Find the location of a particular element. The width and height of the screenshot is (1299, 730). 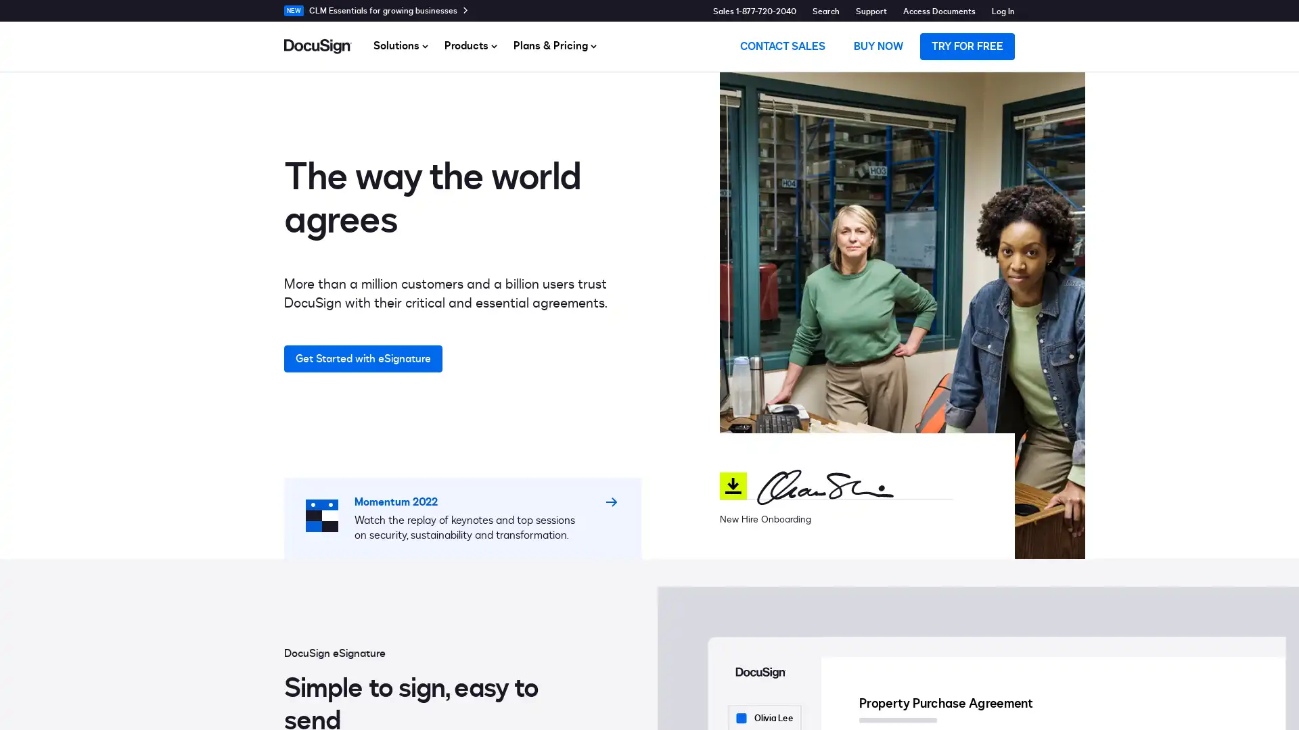

Accept Cookies is located at coordinates (1210, 700).